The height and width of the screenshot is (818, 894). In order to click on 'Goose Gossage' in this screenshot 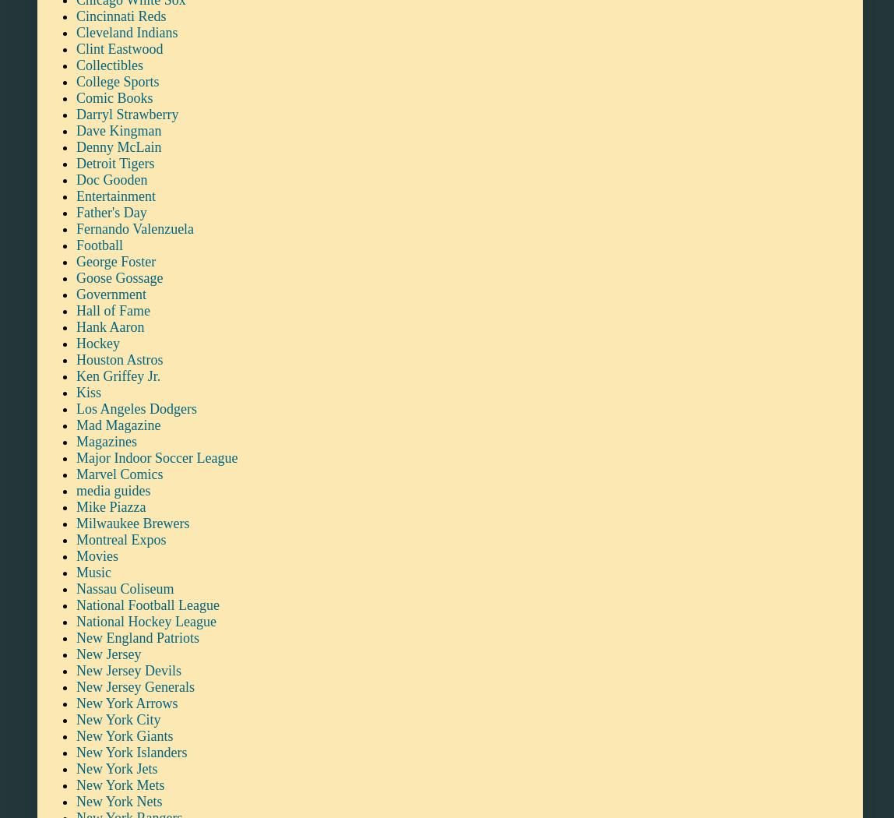, I will do `click(118, 276)`.